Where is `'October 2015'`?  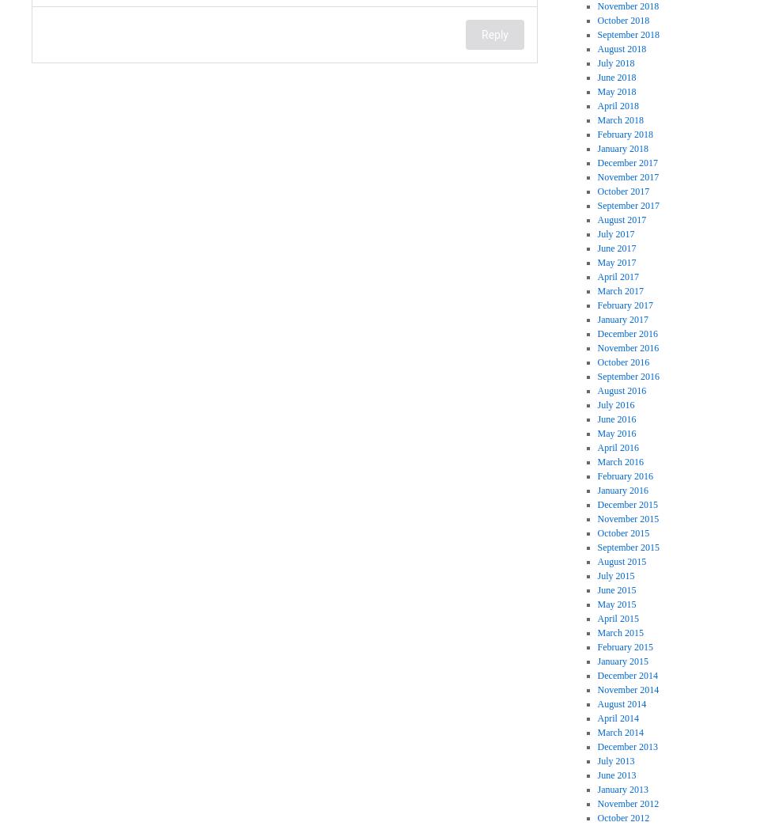 'October 2015' is located at coordinates (623, 532).